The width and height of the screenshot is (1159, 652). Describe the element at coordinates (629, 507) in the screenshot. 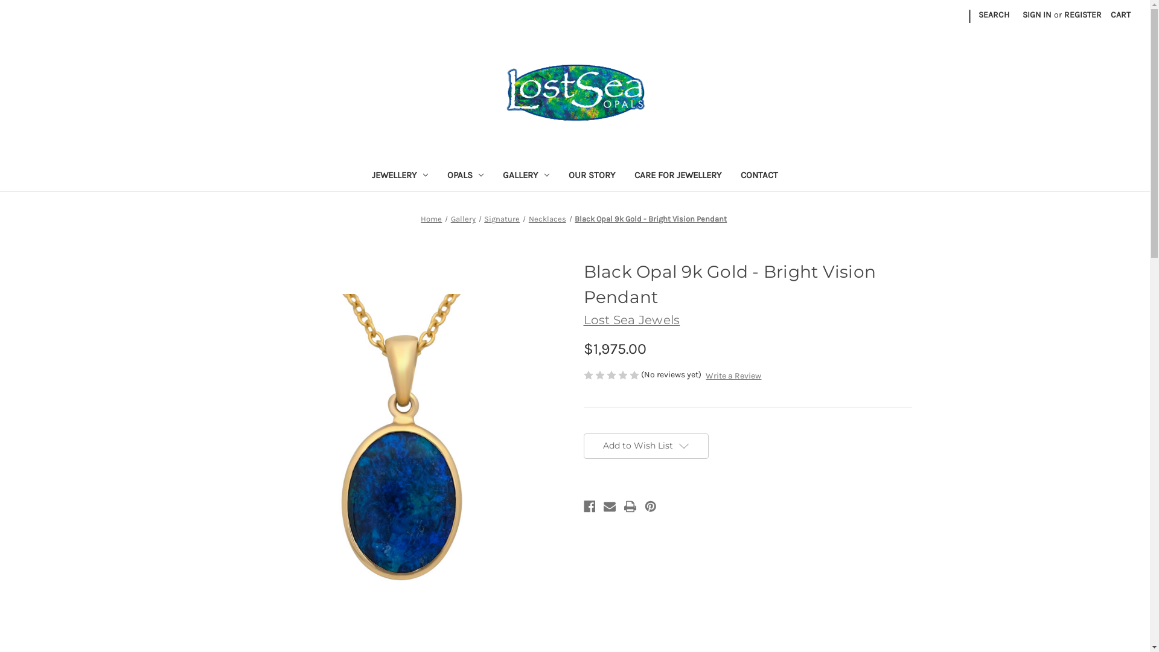

I see `'Print'` at that location.